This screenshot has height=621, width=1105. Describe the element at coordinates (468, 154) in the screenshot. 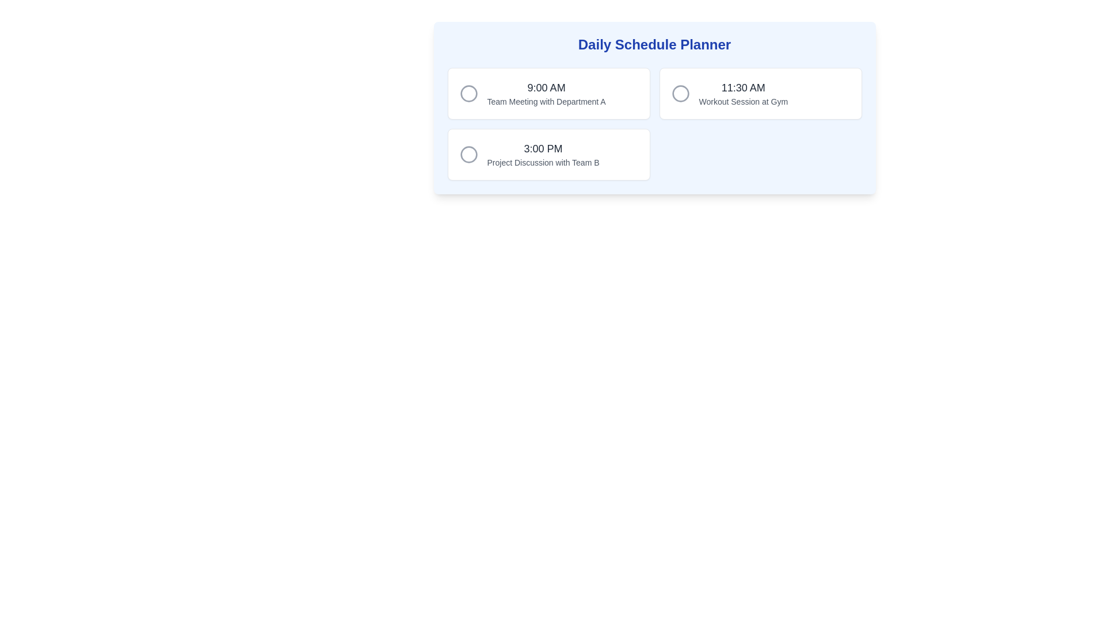

I see `the circular icon representing the status option located to the left of the '3:00 PM Project Discussion with Team B' entry in the schedule` at that location.